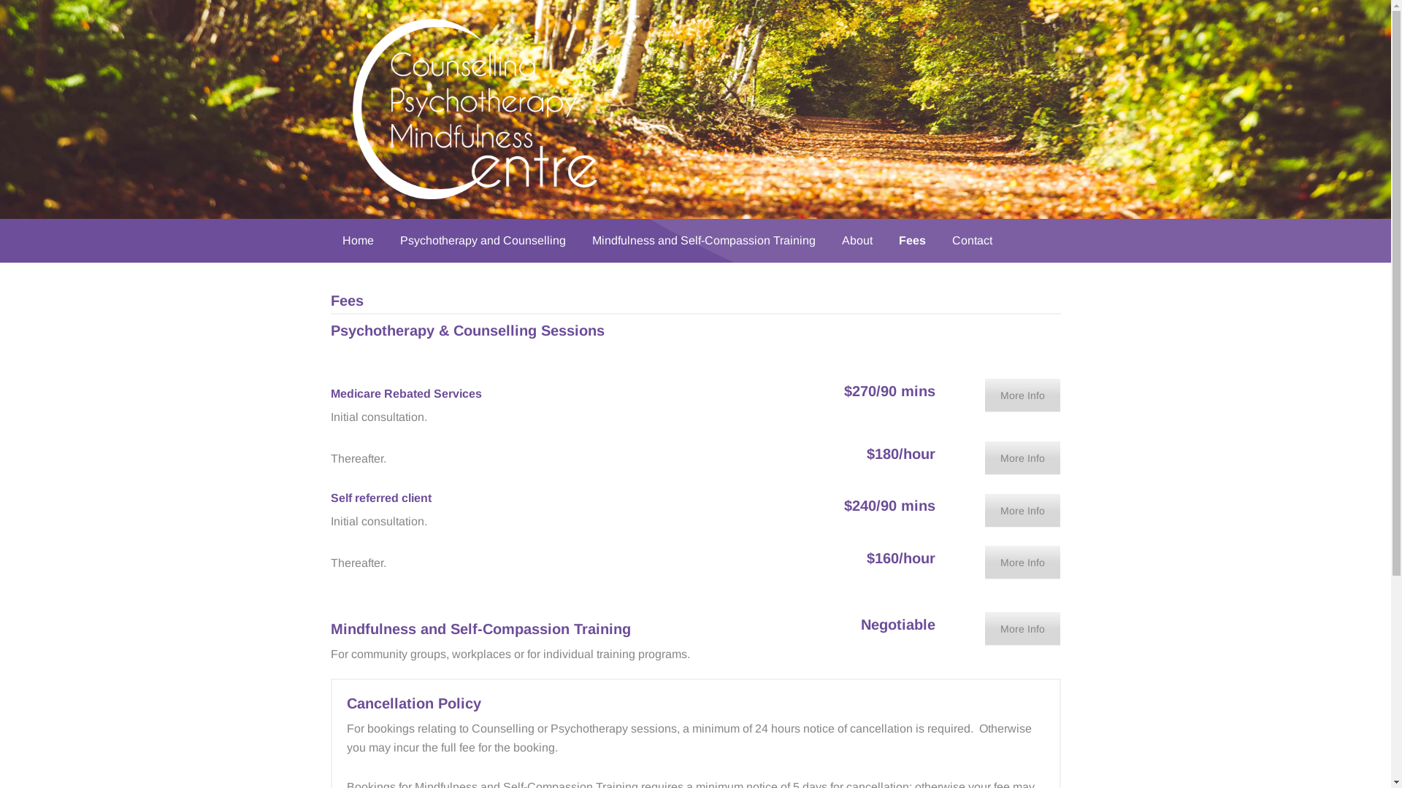 This screenshot has height=788, width=1402. What do you see at coordinates (972, 240) in the screenshot?
I see `'Contact'` at bounding box center [972, 240].